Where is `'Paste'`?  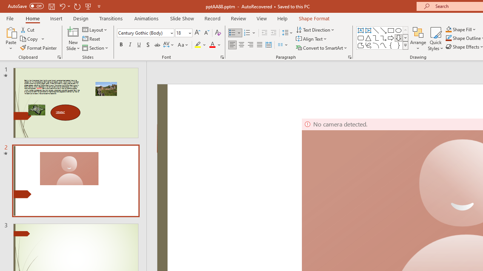 'Paste' is located at coordinates (11, 32).